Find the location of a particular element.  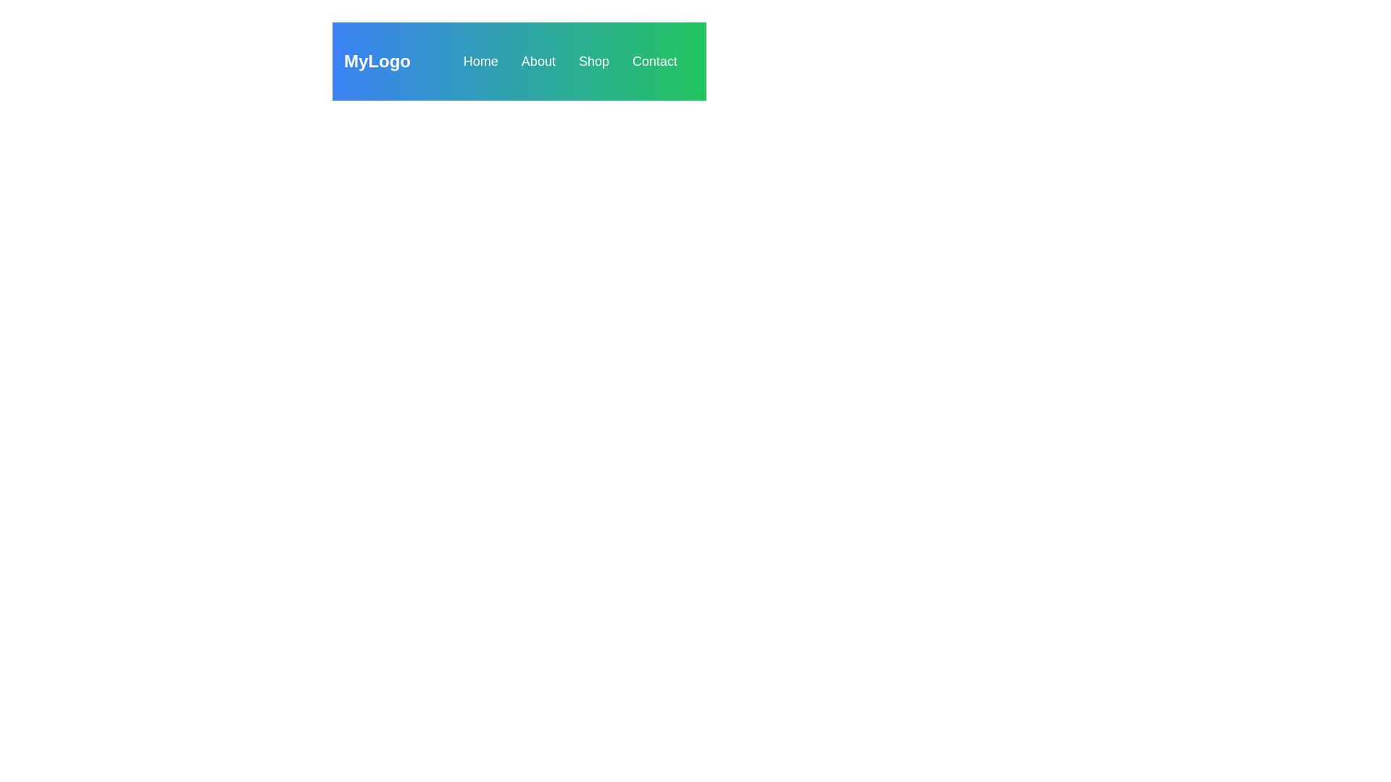

the first text link in the navigation menu, which is positioned to the right of 'MyLogo' is located at coordinates (480, 60).